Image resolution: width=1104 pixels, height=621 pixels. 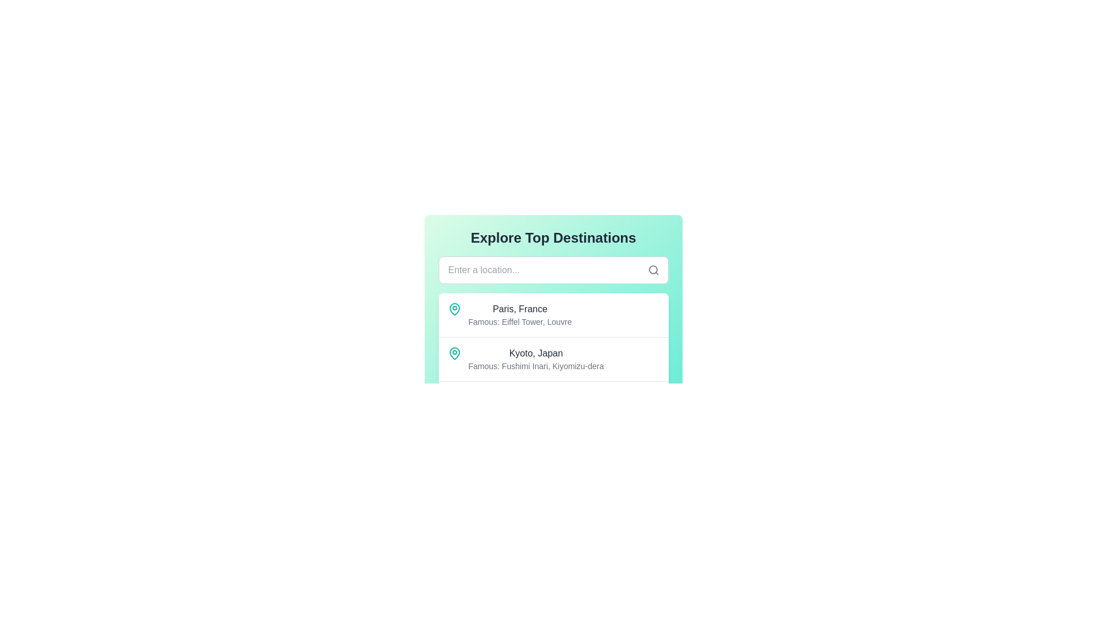 I want to click on the decorative circular part of the magnifying glass icon located to the far right of the search bar, slightly above its vertical centerline, so click(x=653, y=270).